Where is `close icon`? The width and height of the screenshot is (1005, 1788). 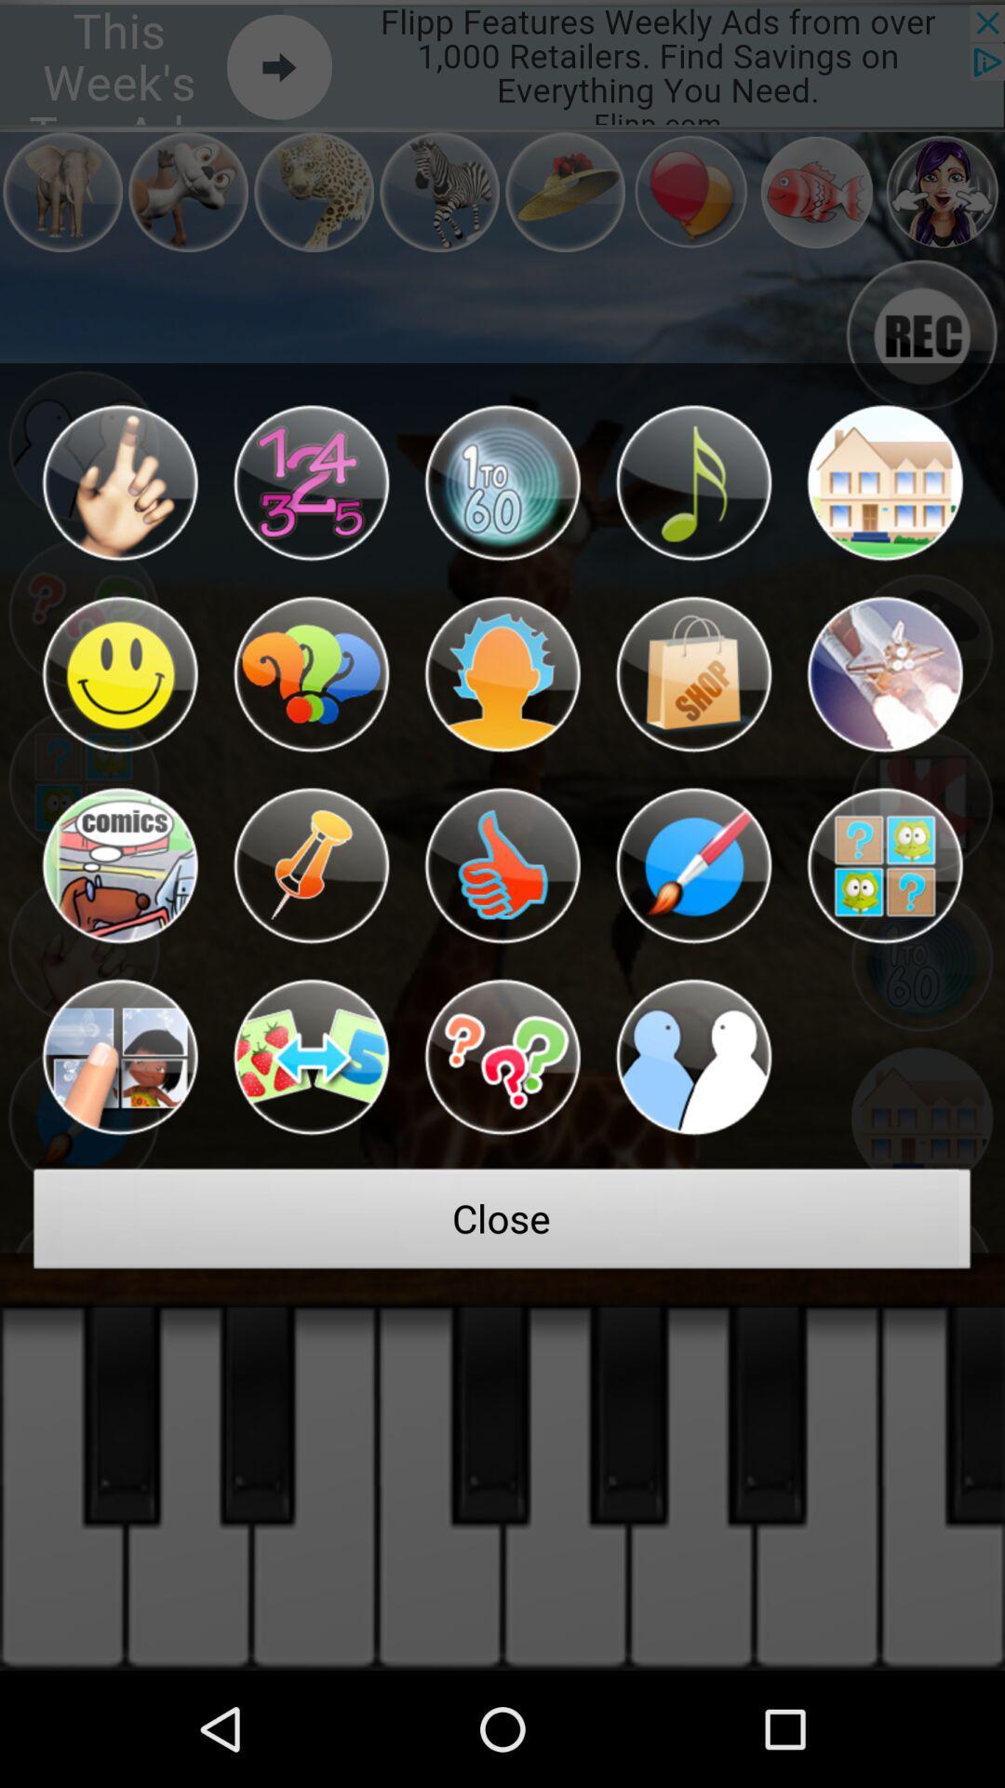 close icon is located at coordinates (502, 1224).